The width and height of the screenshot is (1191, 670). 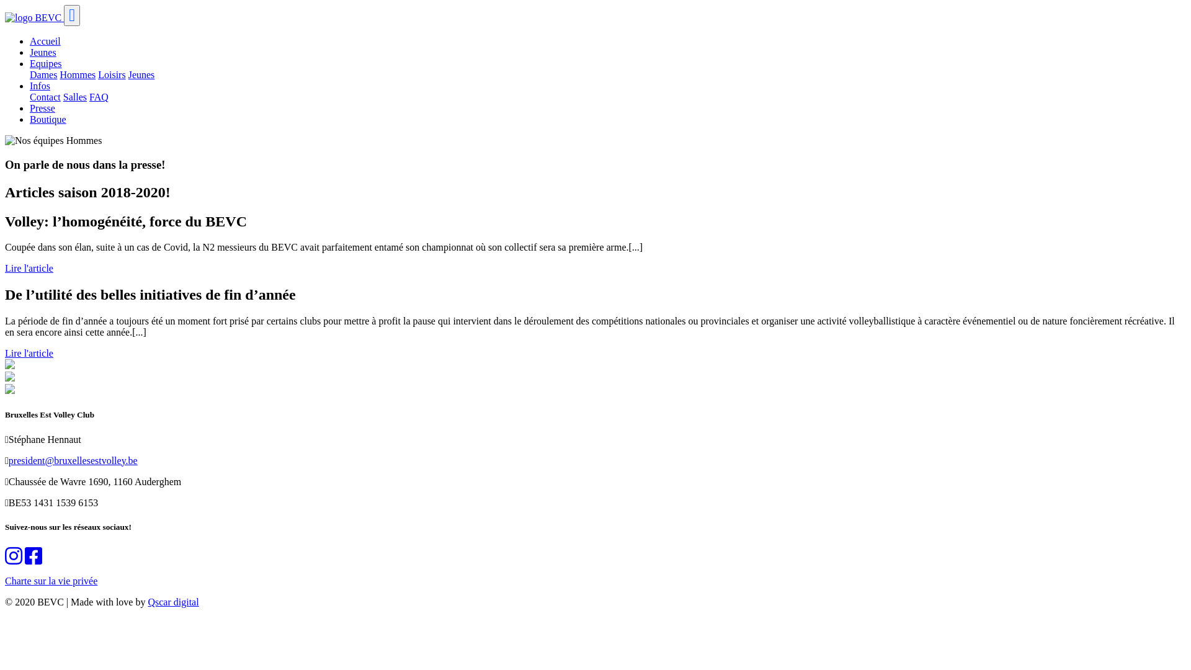 What do you see at coordinates (43, 51) in the screenshot?
I see `'Jeunes'` at bounding box center [43, 51].